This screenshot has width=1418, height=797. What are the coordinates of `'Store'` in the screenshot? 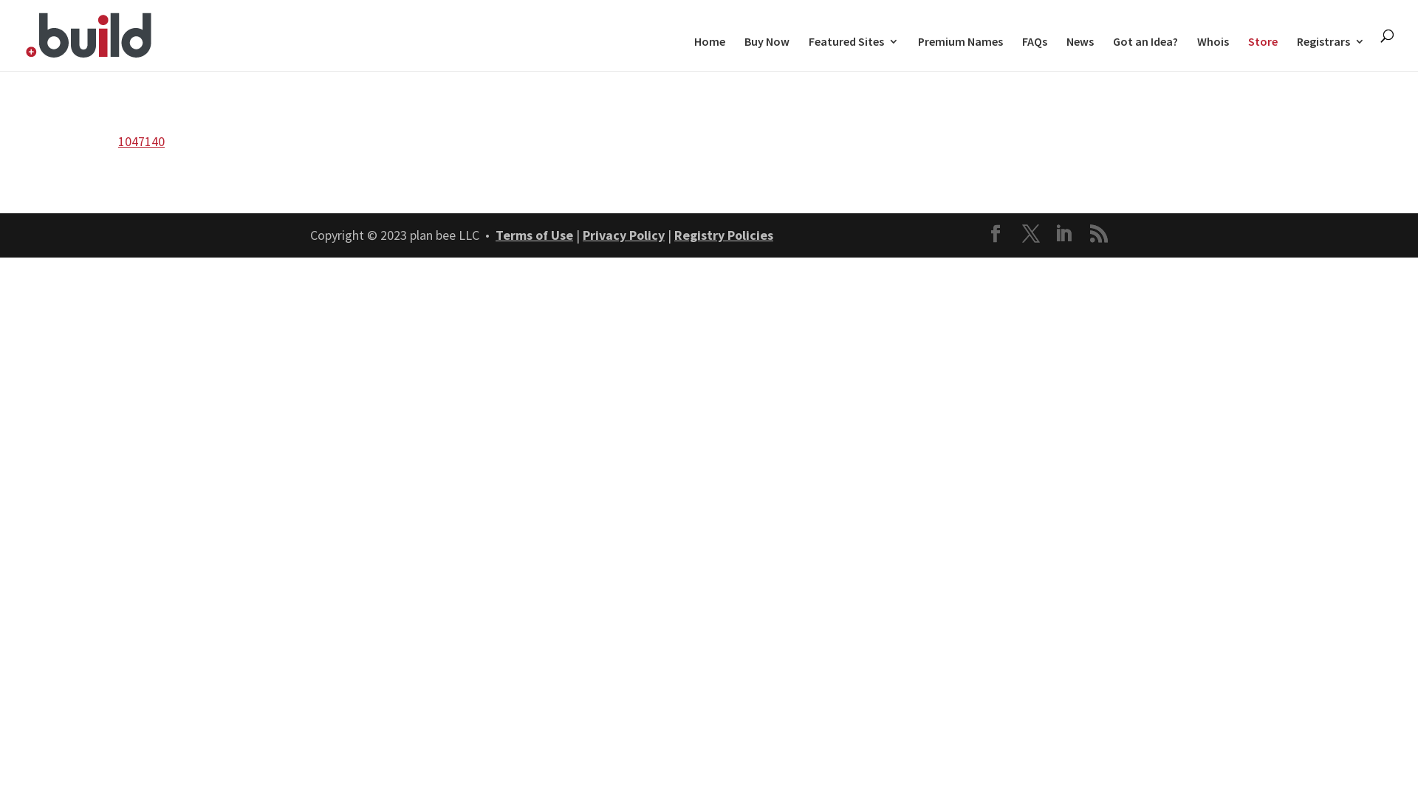 It's located at (1261, 52).